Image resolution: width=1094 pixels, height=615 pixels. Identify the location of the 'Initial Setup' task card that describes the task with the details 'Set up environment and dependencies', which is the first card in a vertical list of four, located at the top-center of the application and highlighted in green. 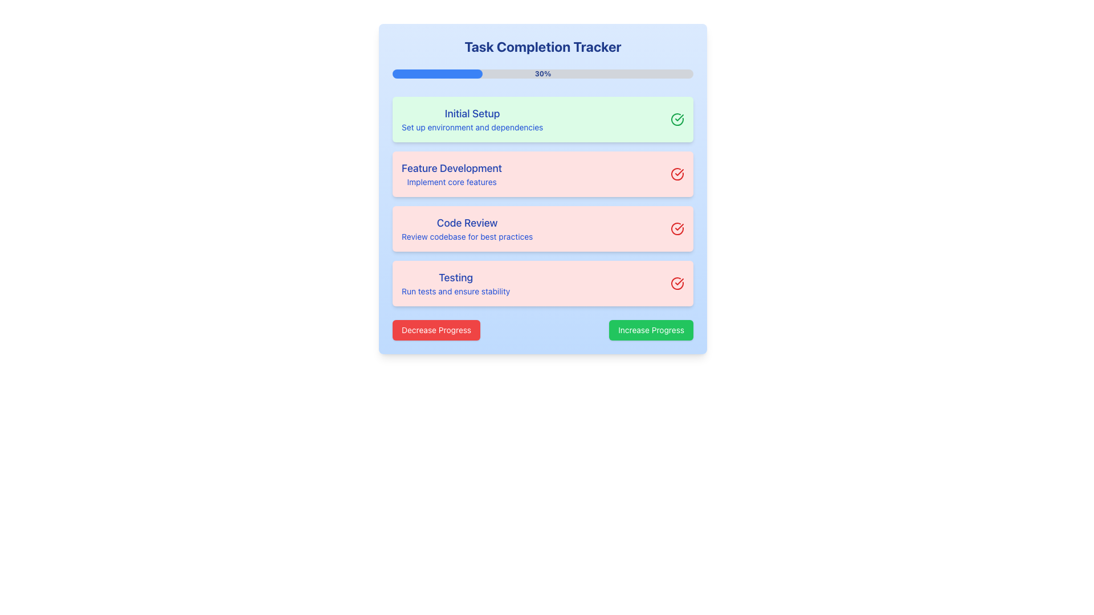
(472, 119).